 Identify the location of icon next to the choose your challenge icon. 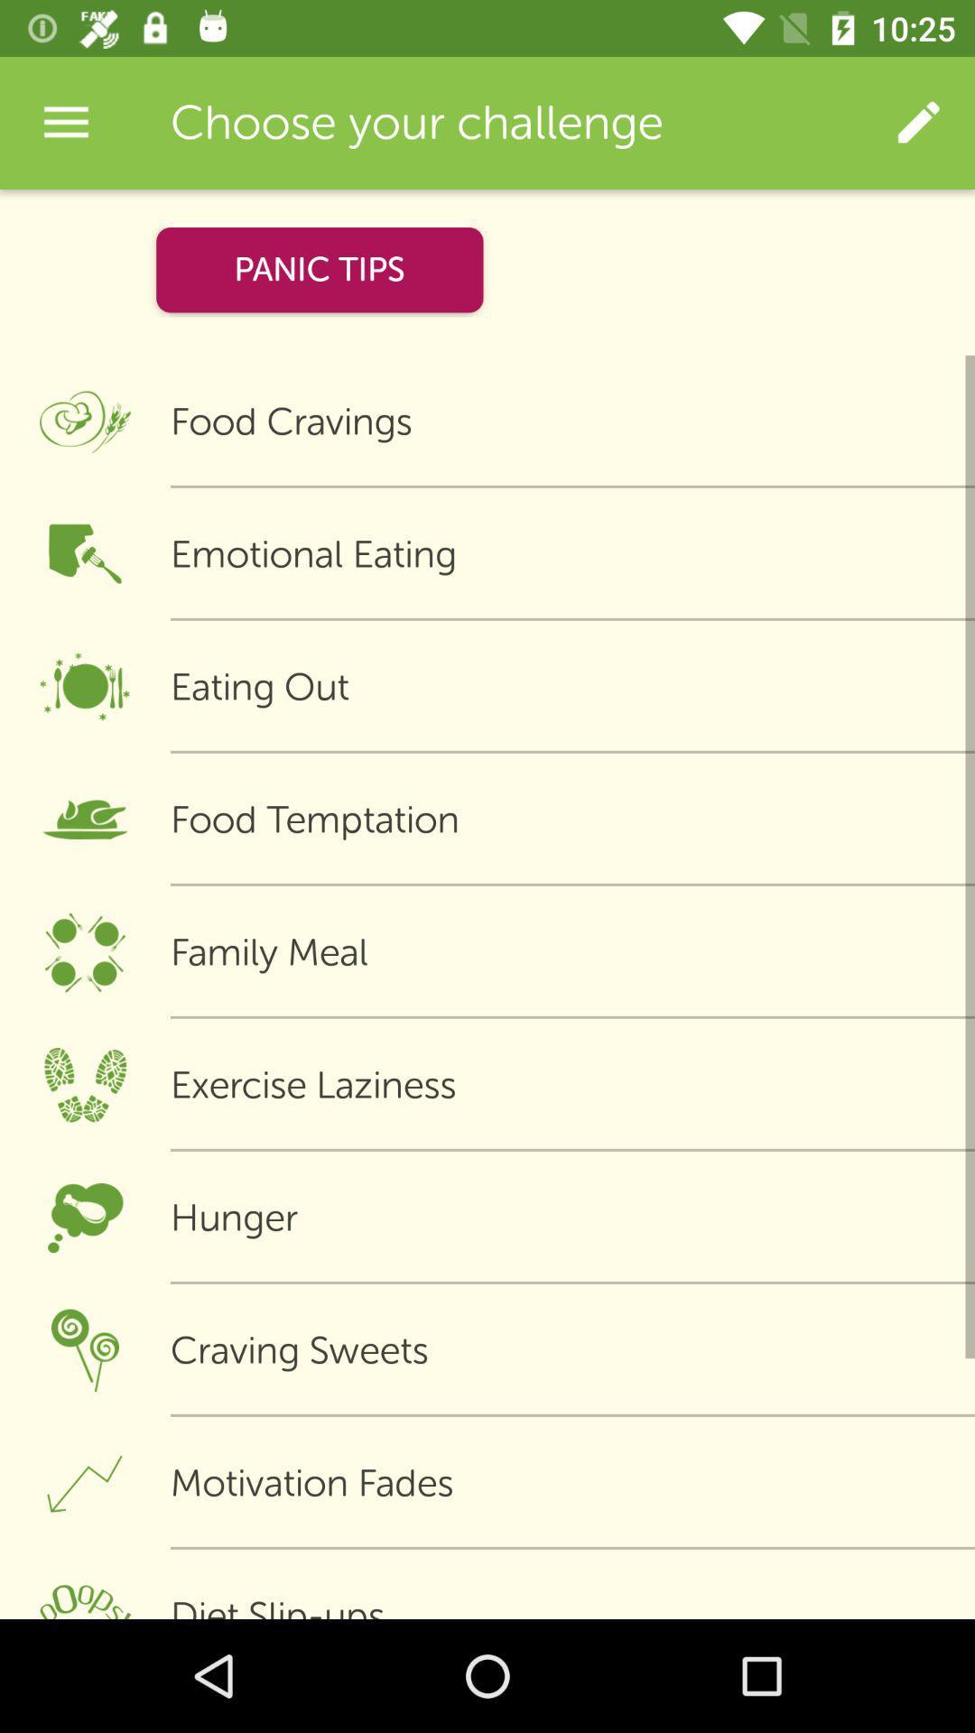
(918, 122).